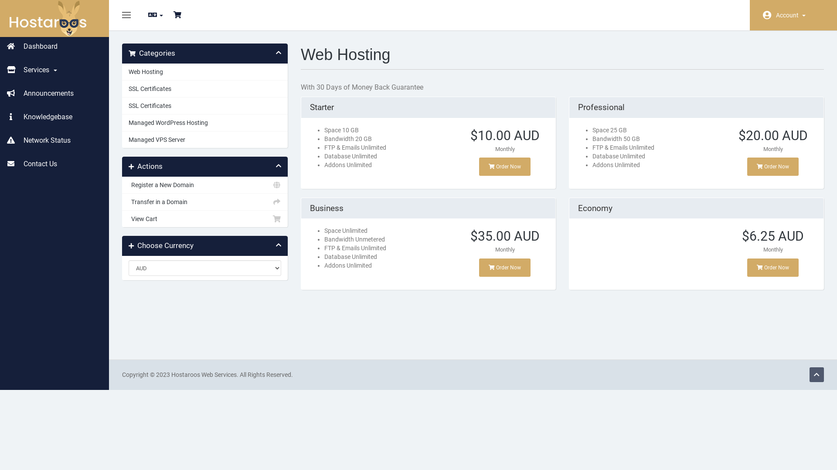 This screenshot has height=470, width=837. Describe the element at coordinates (772, 166) in the screenshot. I see `'Order Now'` at that location.